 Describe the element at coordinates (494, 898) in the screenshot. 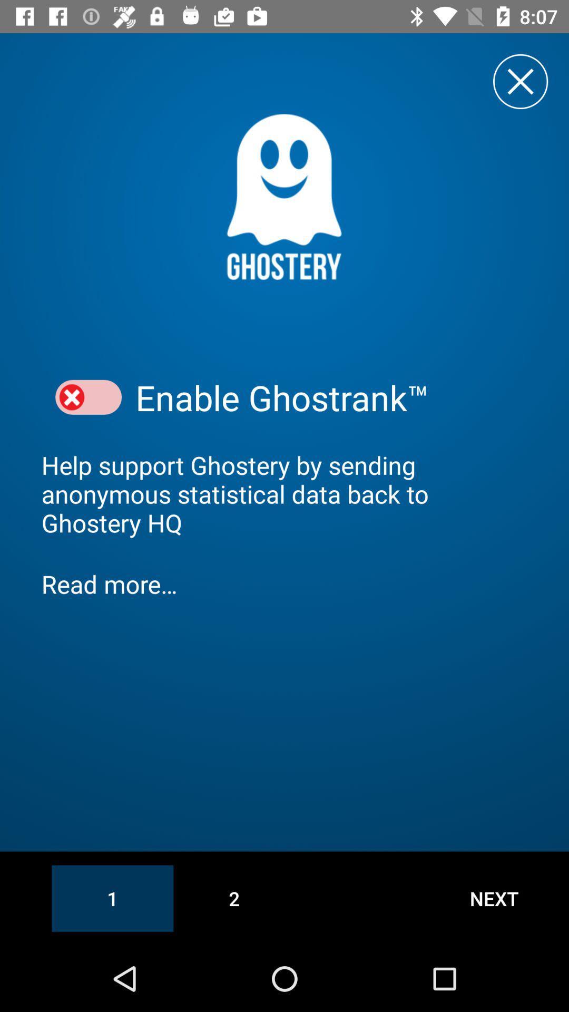

I see `the item at the bottom right corner` at that location.